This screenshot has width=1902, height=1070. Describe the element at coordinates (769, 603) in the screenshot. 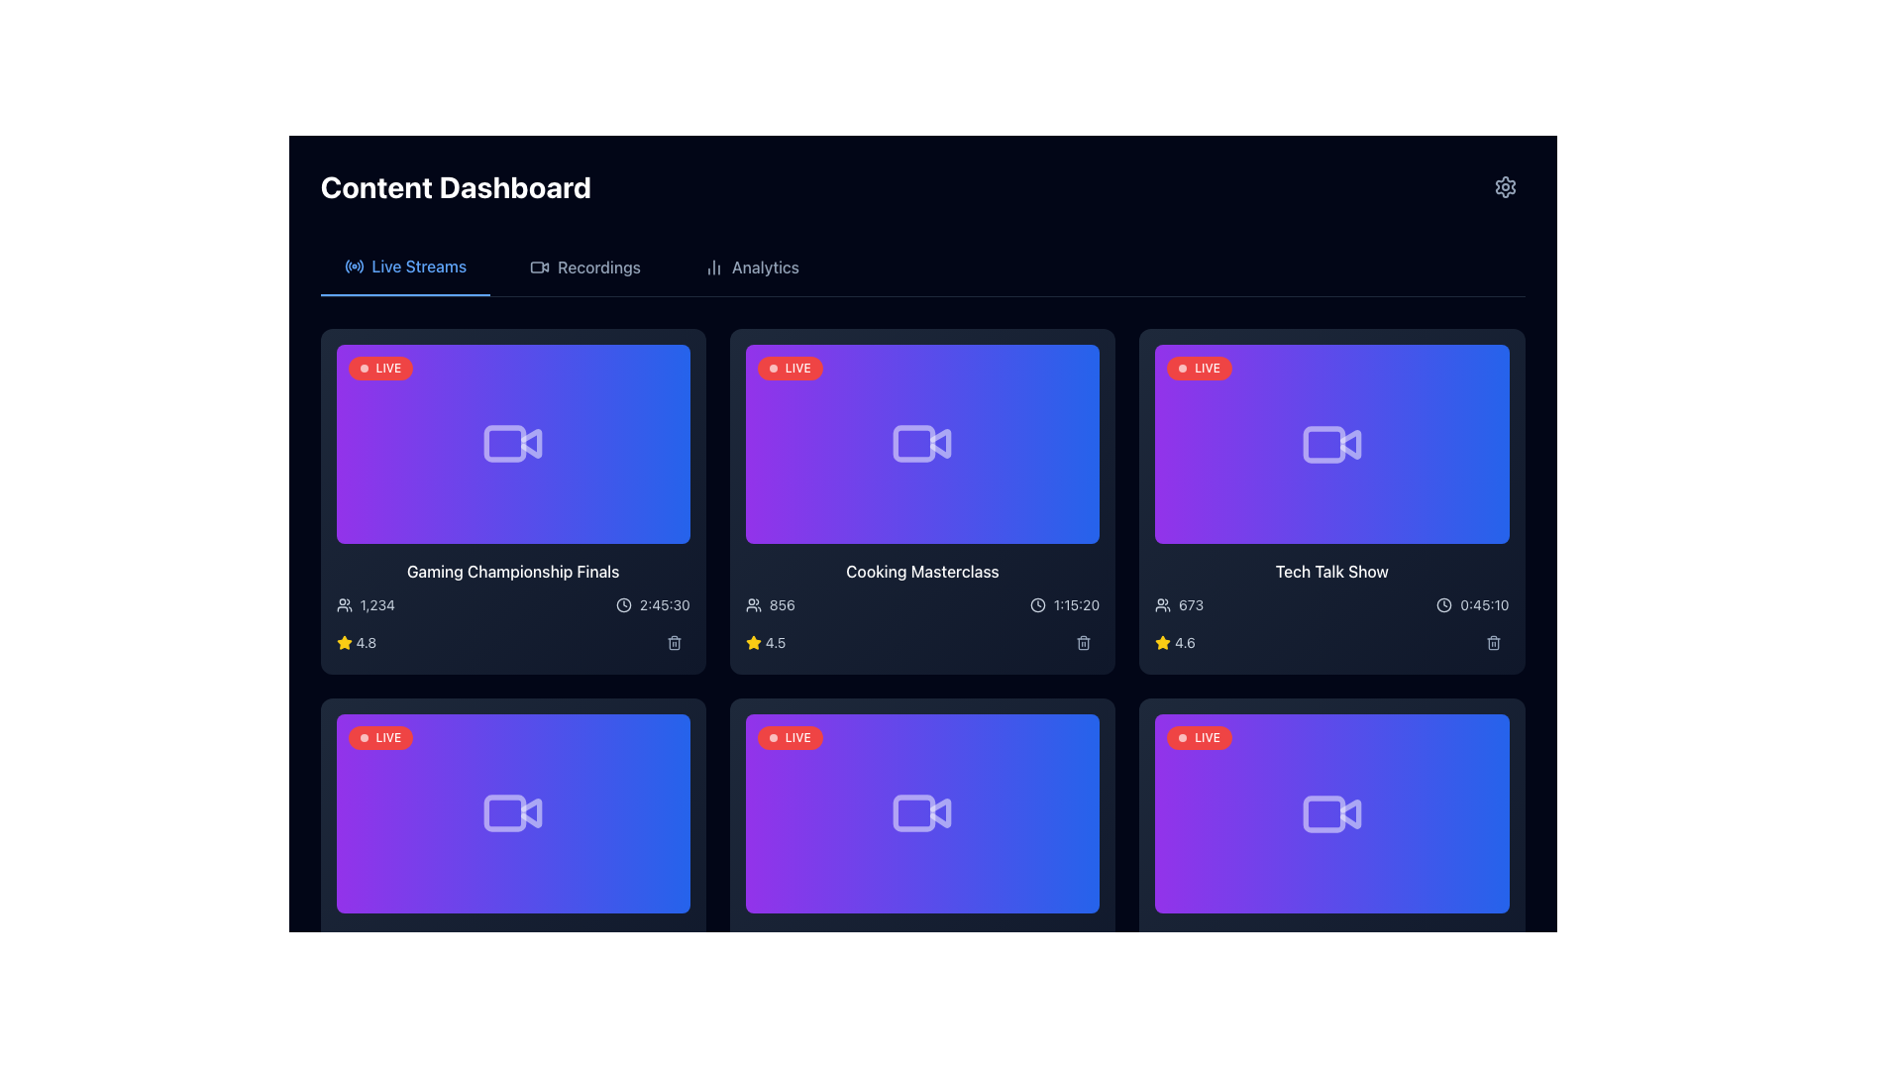

I see `the text label displaying the number '856', which indicates user statistics next to the user icon in the 'Cooking Masterclass' card` at that location.